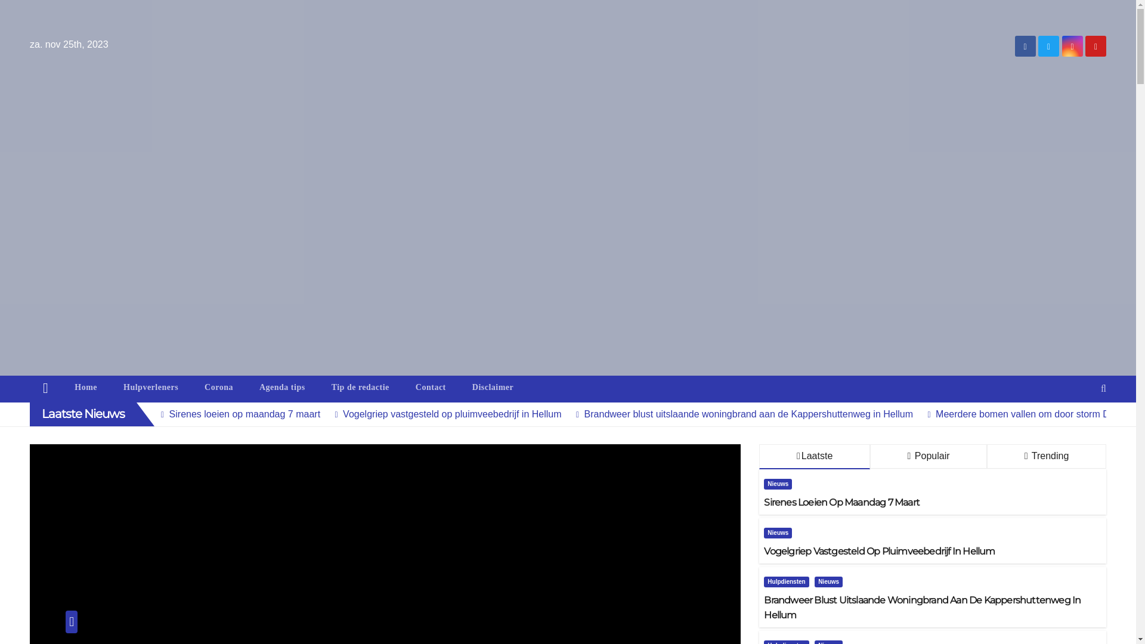 This screenshot has width=1145, height=644. Describe the element at coordinates (430, 388) in the screenshot. I see `'Contact'` at that location.